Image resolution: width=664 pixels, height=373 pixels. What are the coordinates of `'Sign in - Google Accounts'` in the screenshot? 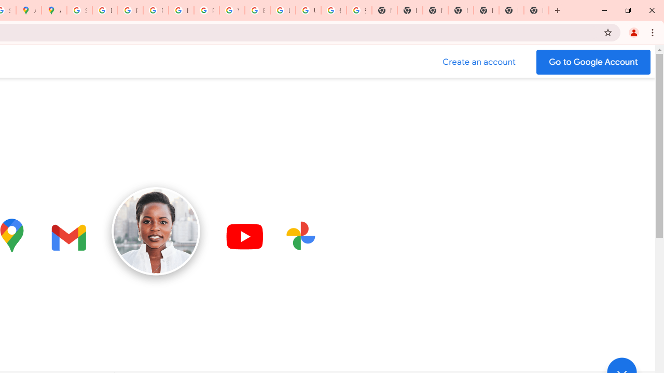 It's located at (79, 10).